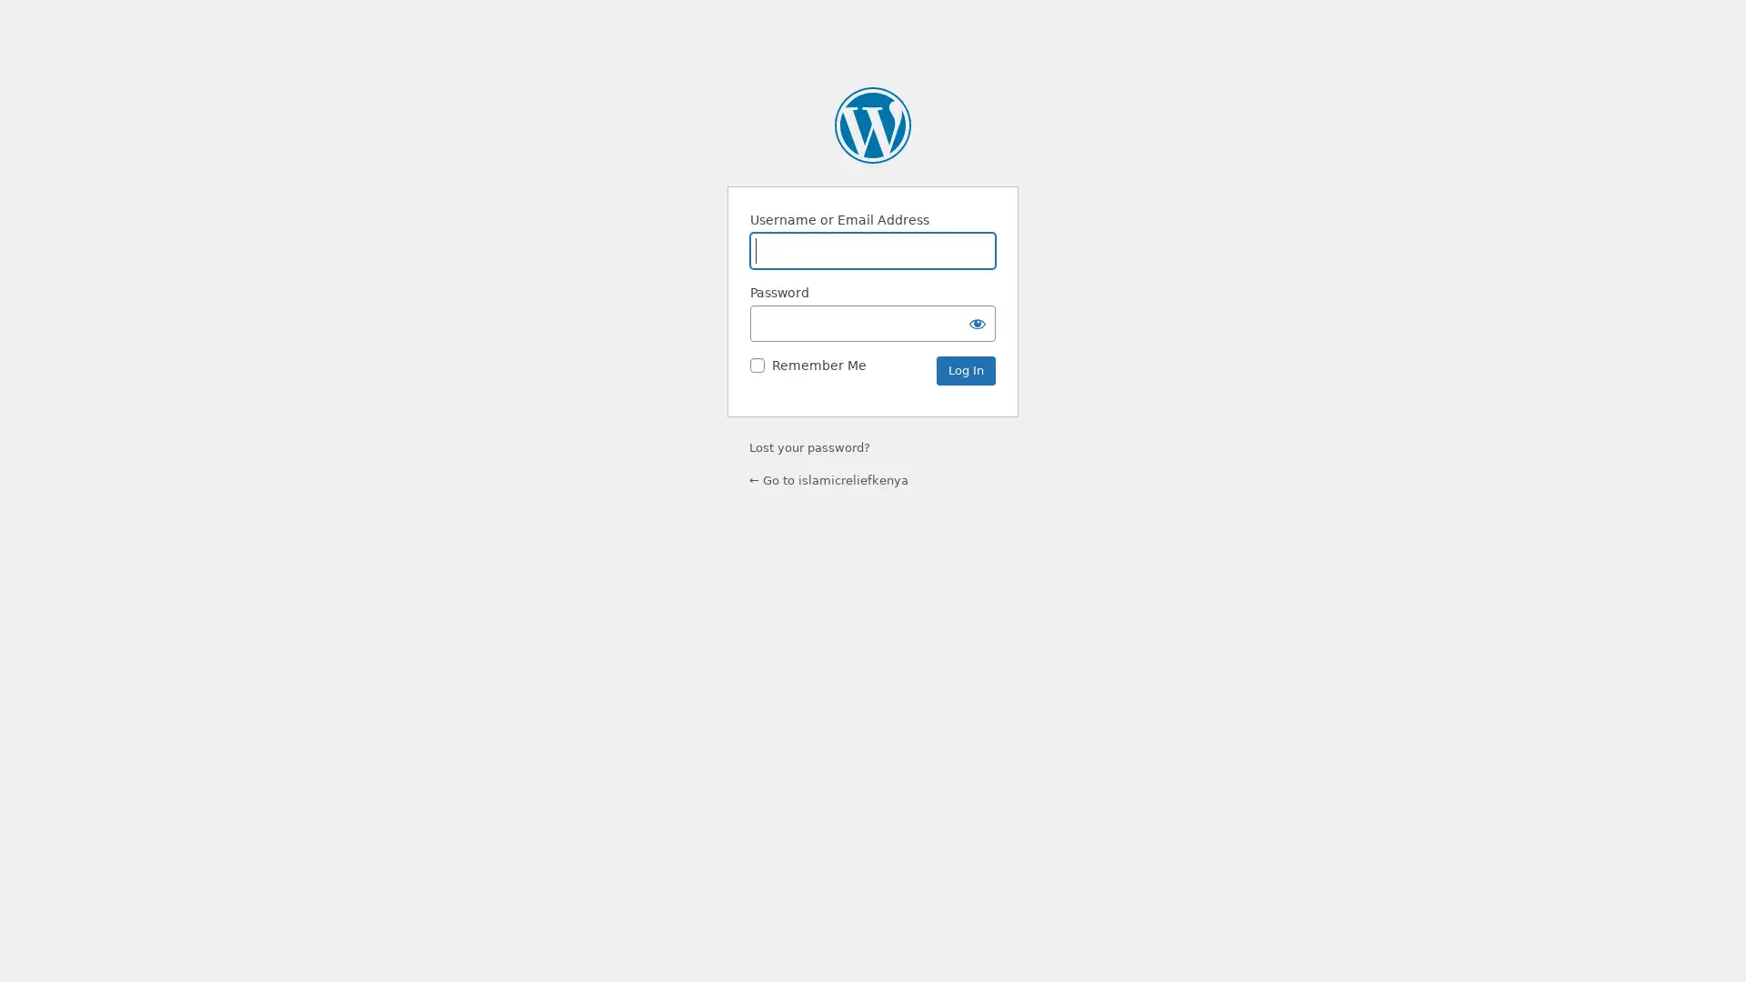 Image resolution: width=1746 pixels, height=982 pixels. What do you see at coordinates (965, 370) in the screenshot?
I see `Log In` at bounding box center [965, 370].